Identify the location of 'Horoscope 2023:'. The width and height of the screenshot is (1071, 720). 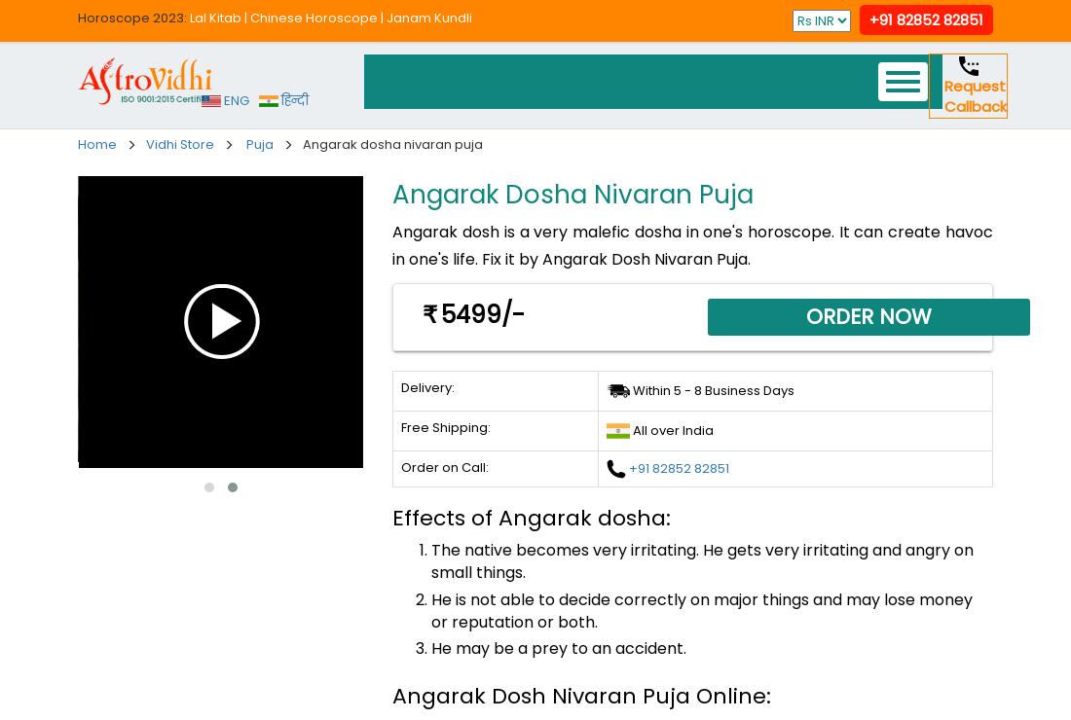
(133, 17).